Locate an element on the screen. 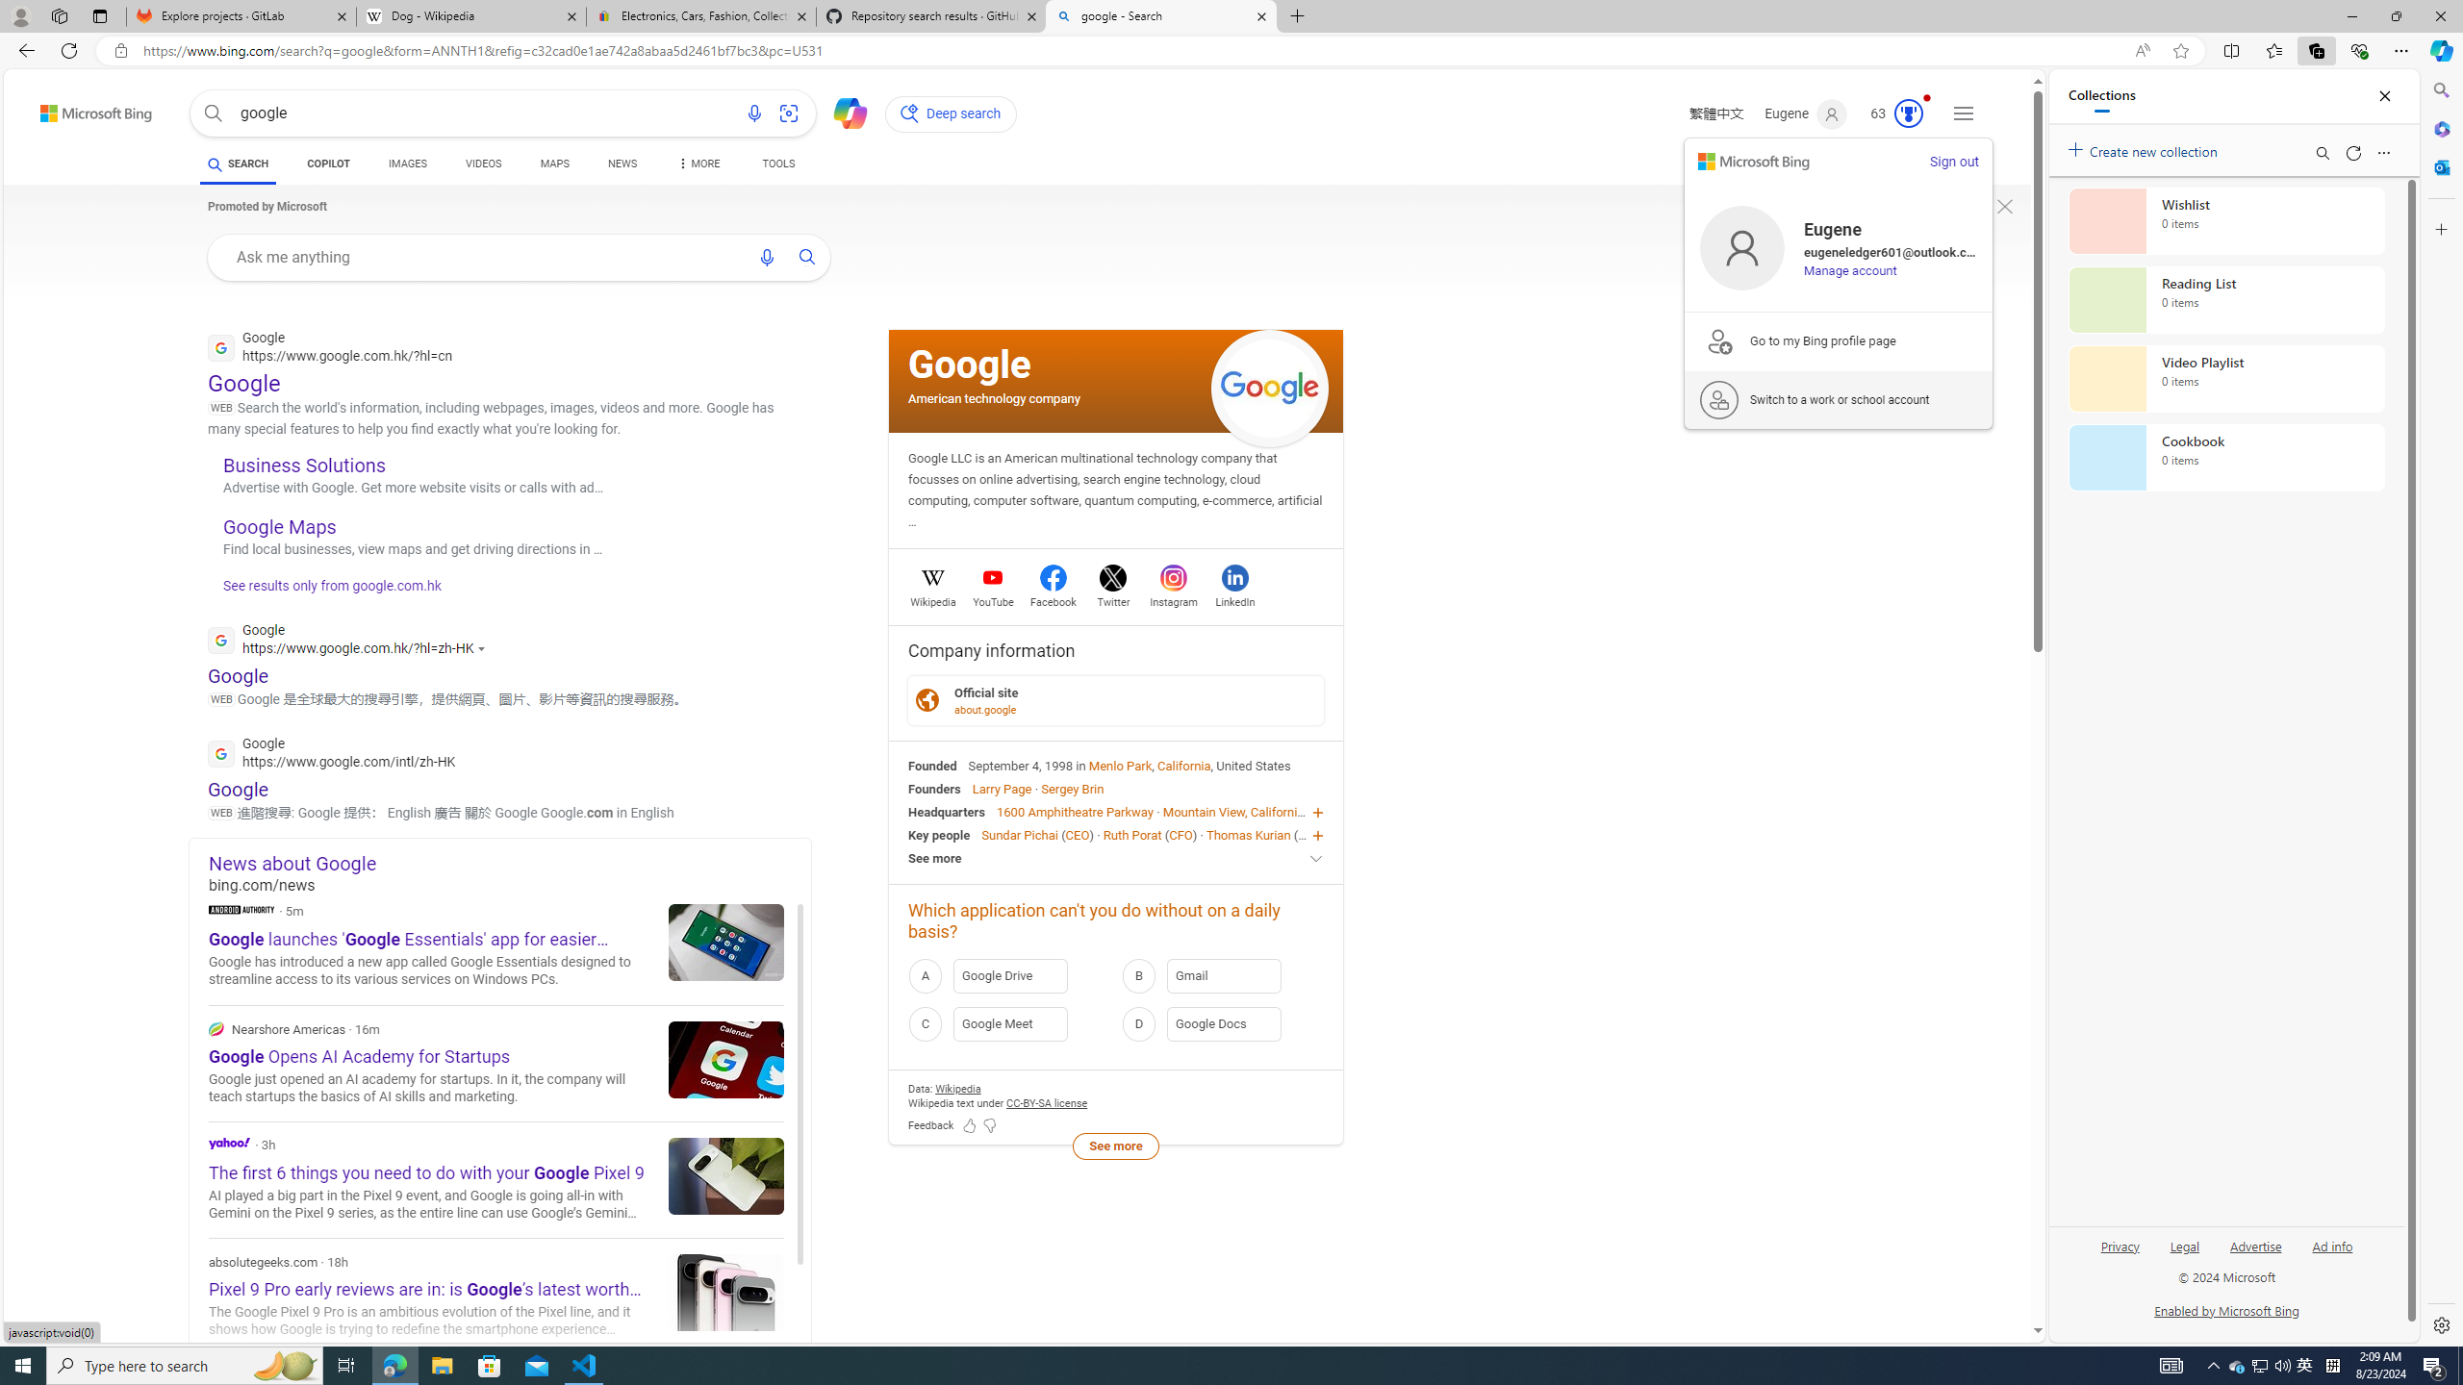  'Class: sp-ofsite' is located at coordinates (926, 699).